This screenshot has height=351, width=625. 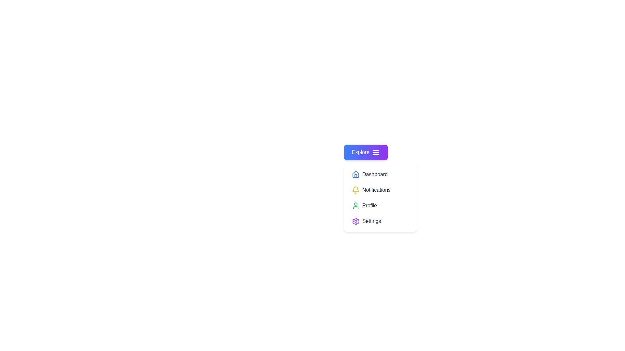 What do you see at coordinates (380, 205) in the screenshot?
I see `the 'Profile' option in the menu` at bounding box center [380, 205].